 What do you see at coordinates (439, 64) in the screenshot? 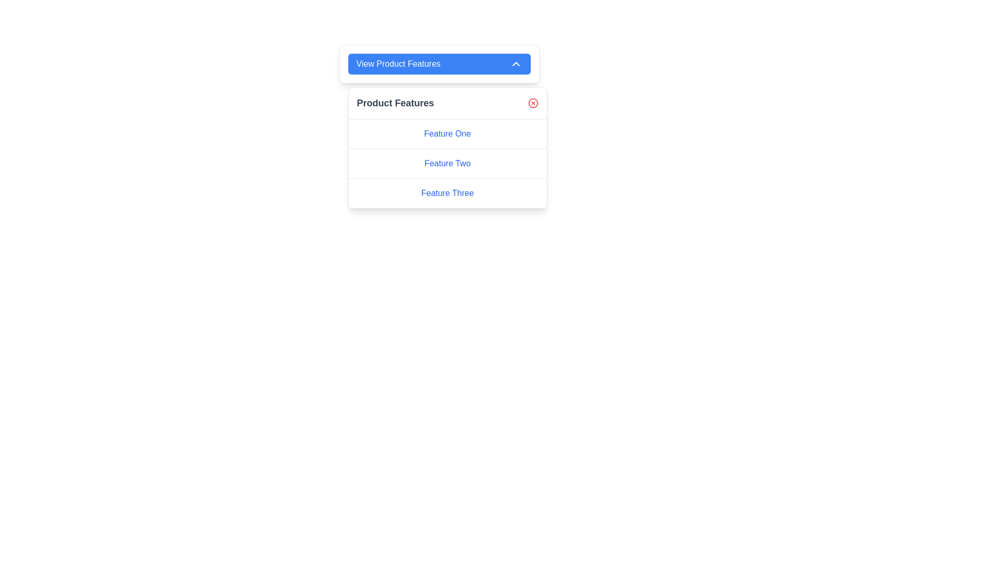
I see `the blue button with rounded edges labeled 'View Product Features'` at bounding box center [439, 64].